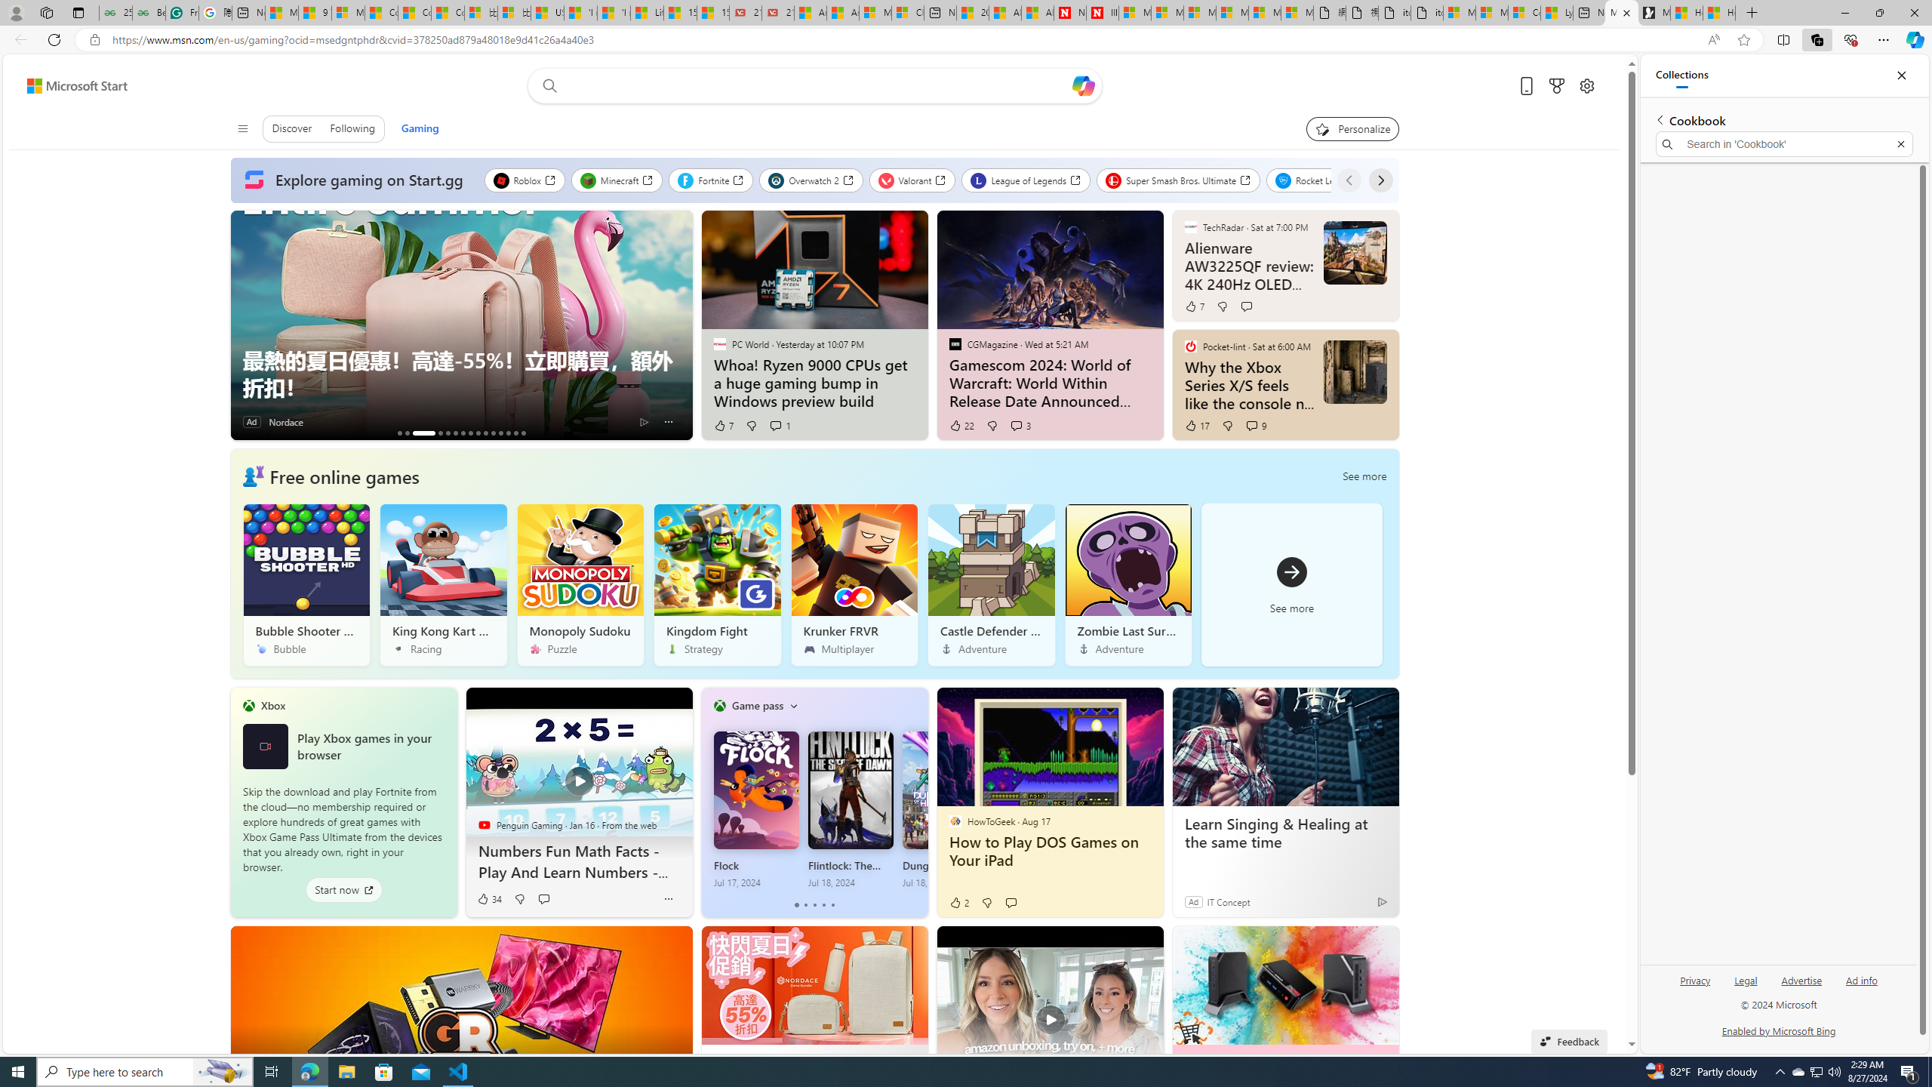 The width and height of the screenshot is (1932, 1087). I want to click on 'Nordace', so click(285, 422).